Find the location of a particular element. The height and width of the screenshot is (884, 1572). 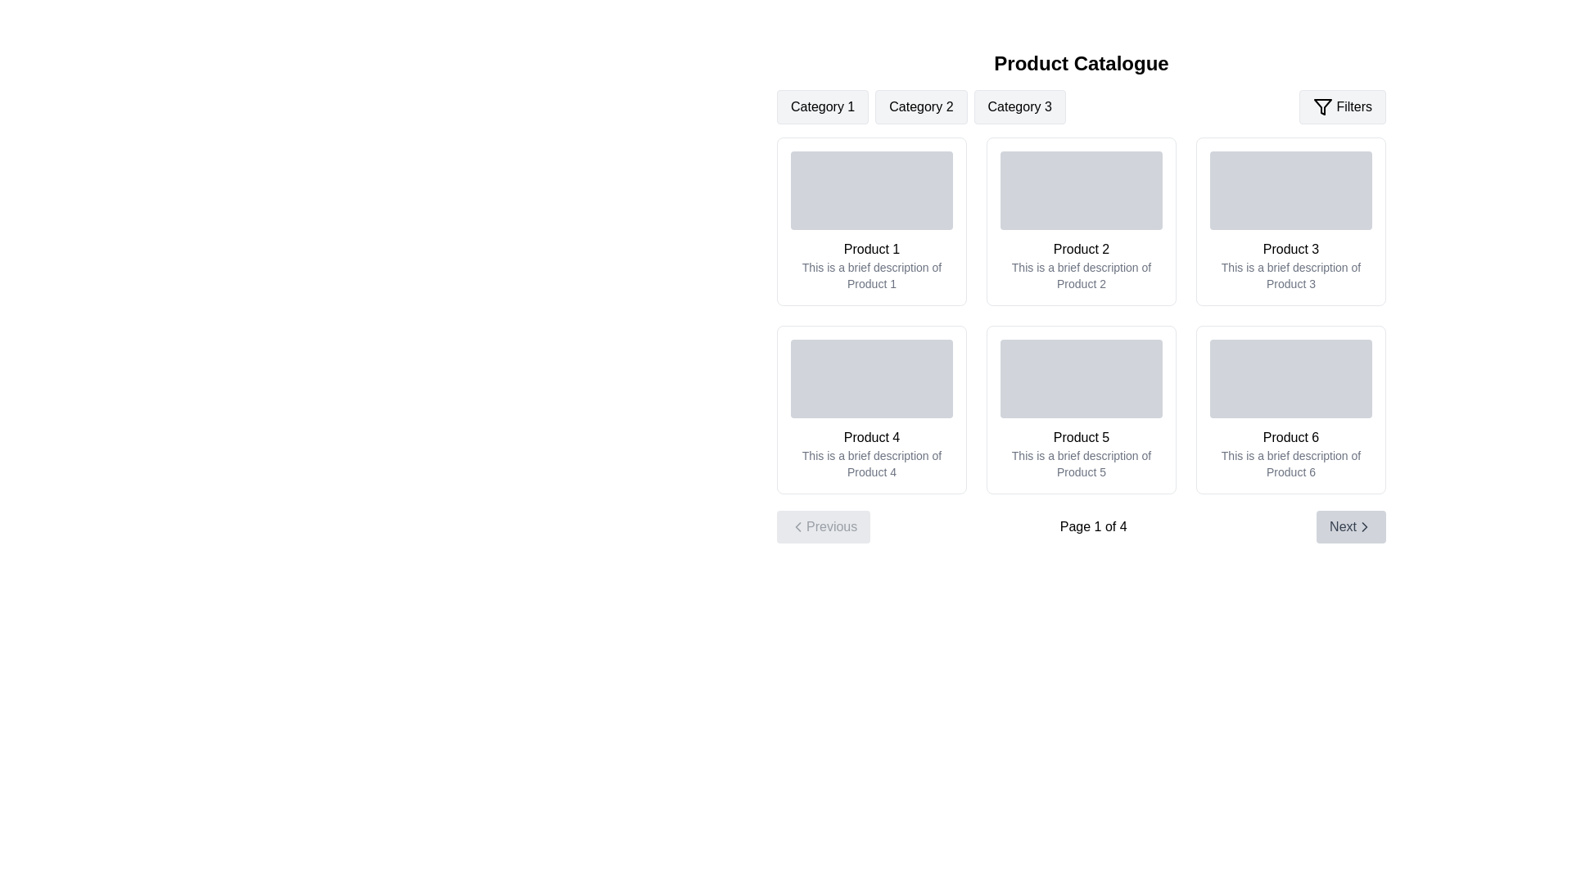

the text block stating 'This is a brief description of Product 6', which is styled with a small font size and gray text color, located at the bottom of the product card for 'Product 6' is located at coordinates (1290, 464).